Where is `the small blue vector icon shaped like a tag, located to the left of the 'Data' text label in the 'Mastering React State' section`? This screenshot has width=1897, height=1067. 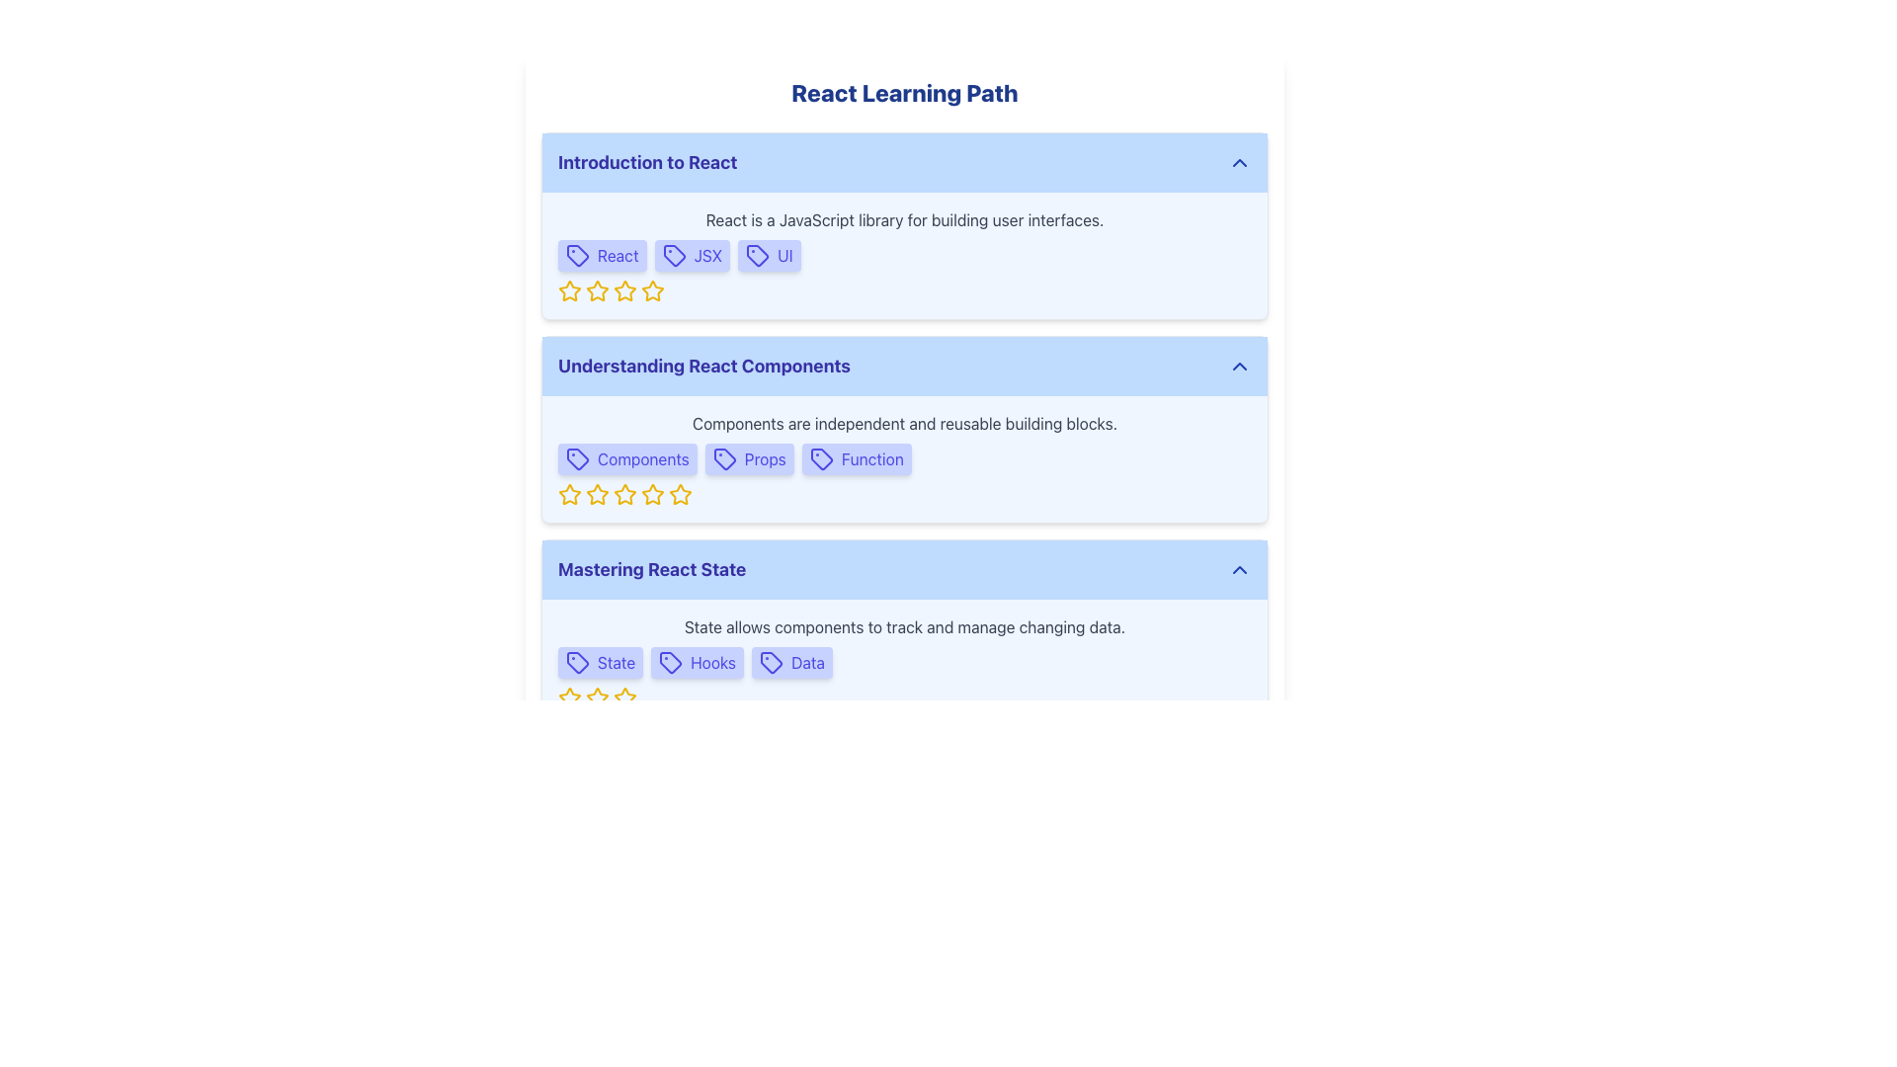
the small blue vector icon shaped like a tag, located to the left of the 'Data' text label in the 'Mastering React State' section is located at coordinates (771, 663).